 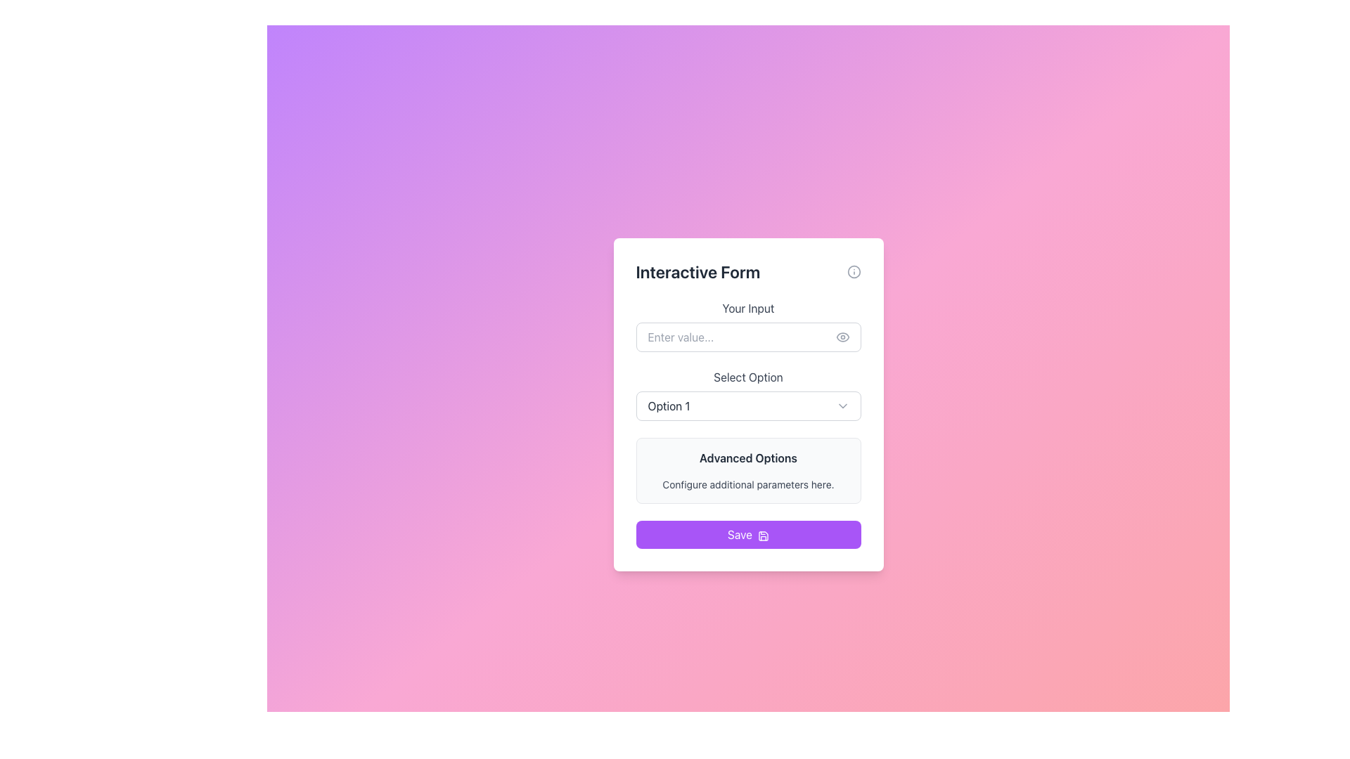 What do you see at coordinates (747, 337) in the screenshot?
I see `the eye icon next` at bounding box center [747, 337].